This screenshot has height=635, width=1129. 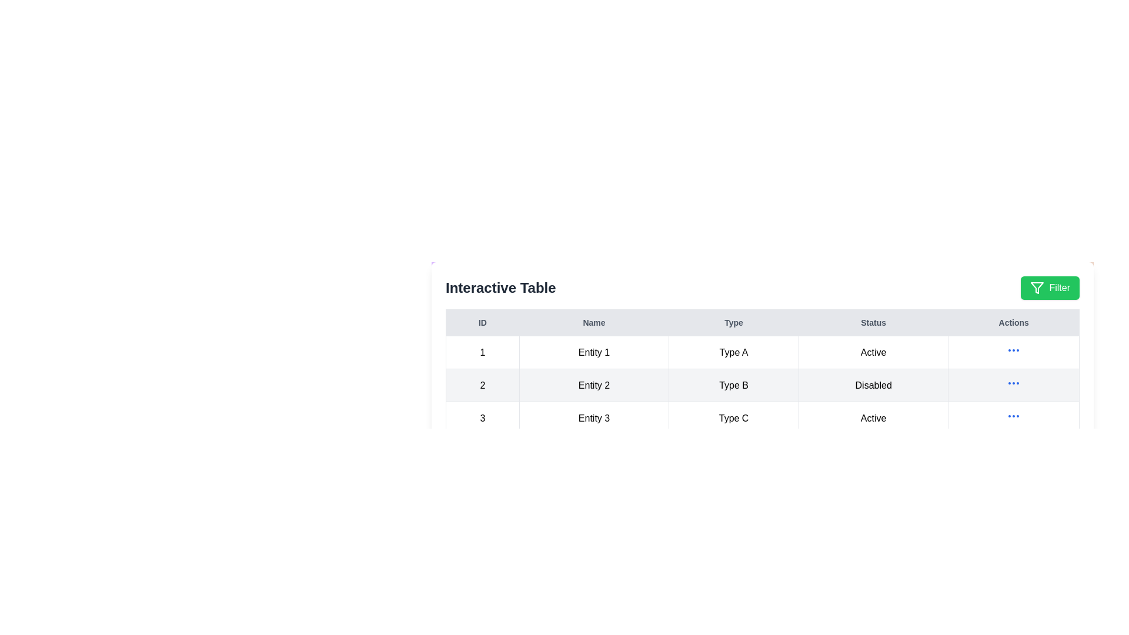 What do you see at coordinates (1050, 288) in the screenshot?
I see `the 'Filter' button to open filtering options` at bounding box center [1050, 288].